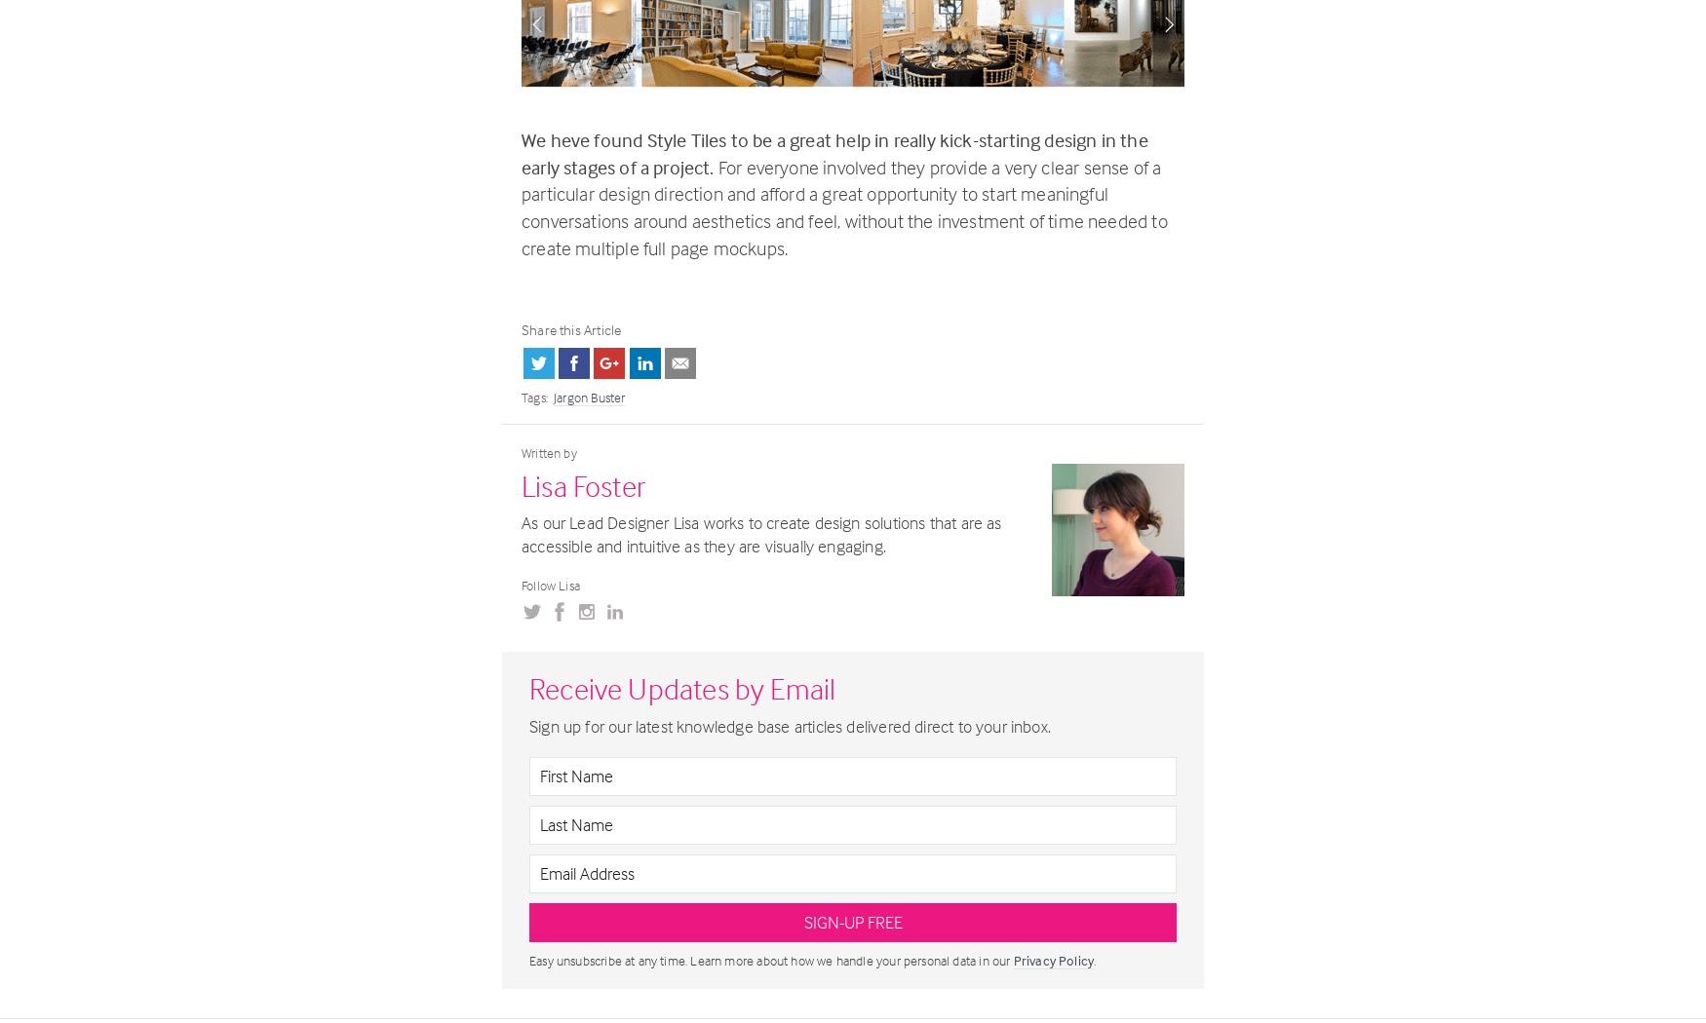 The width and height of the screenshot is (1706, 1023). Describe the element at coordinates (582, 484) in the screenshot. I see `'Lisa Foster'` at that location.